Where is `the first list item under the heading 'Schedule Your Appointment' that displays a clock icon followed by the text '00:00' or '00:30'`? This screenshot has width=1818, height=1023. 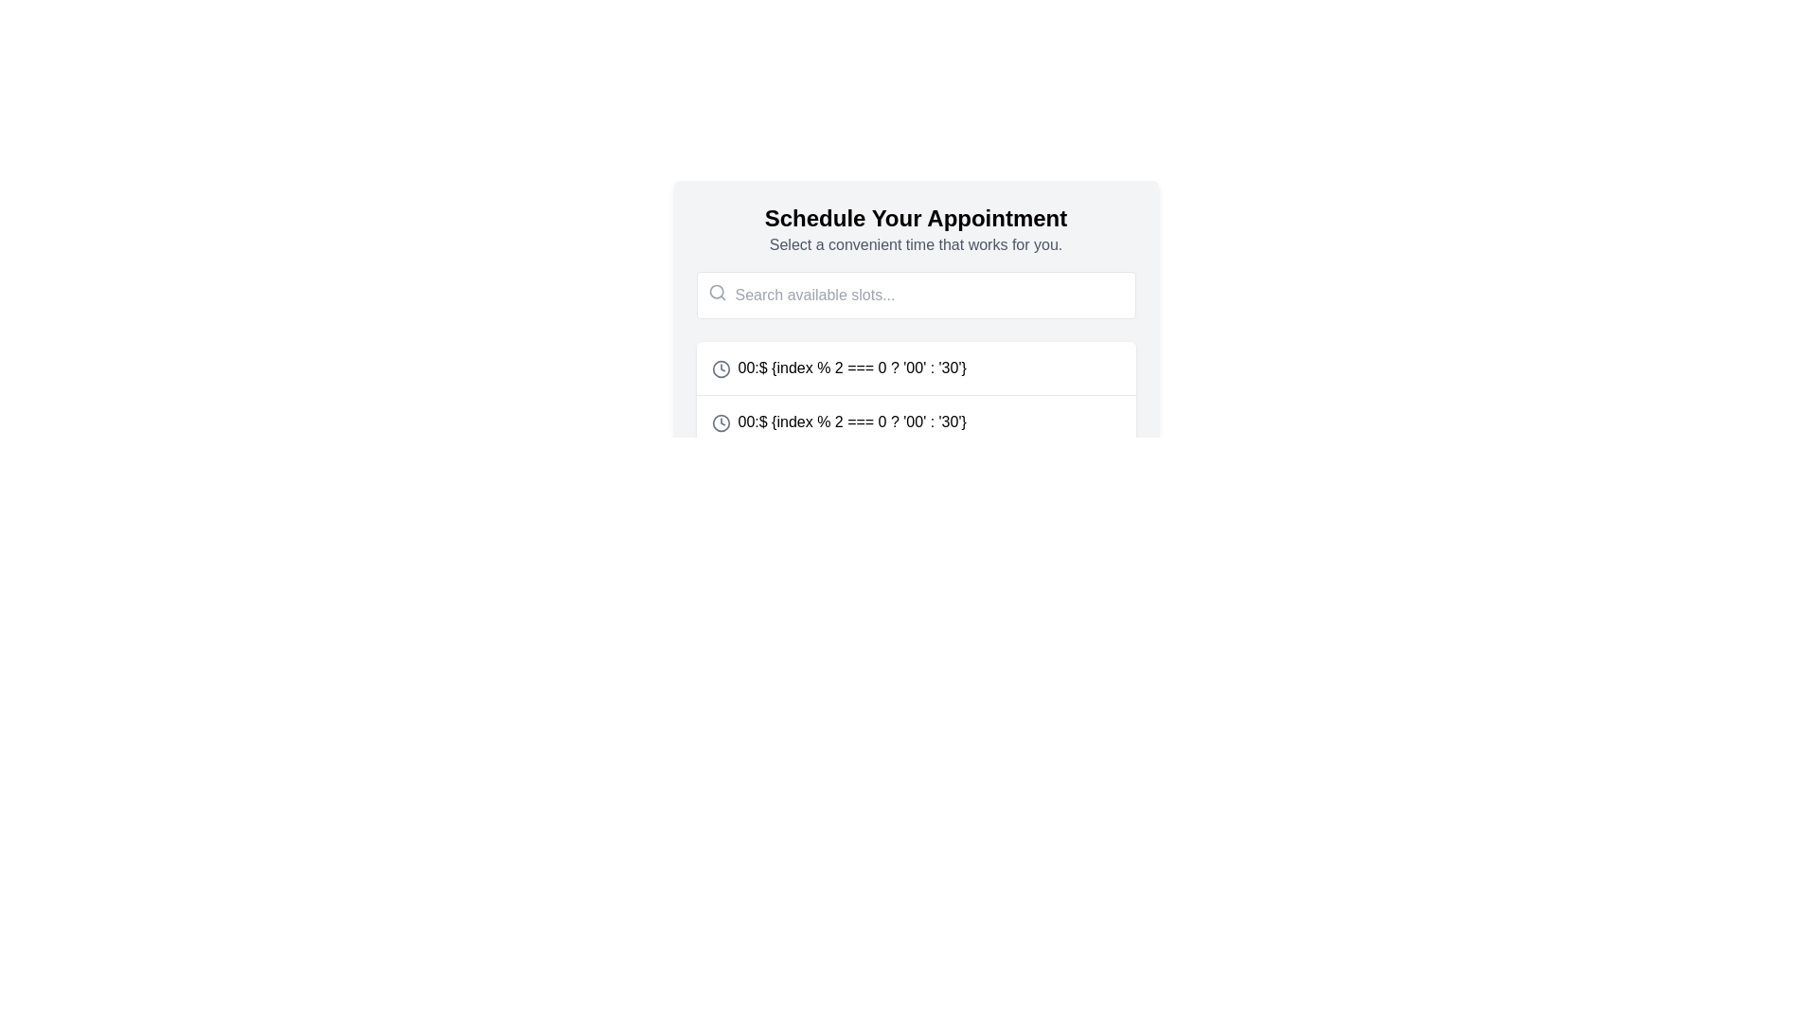 the first list item under the heading 'Schedule Your Appointment' that displays a clock icon followed by the text '00:00' or '00:30' is located at coordinates (838, 368).